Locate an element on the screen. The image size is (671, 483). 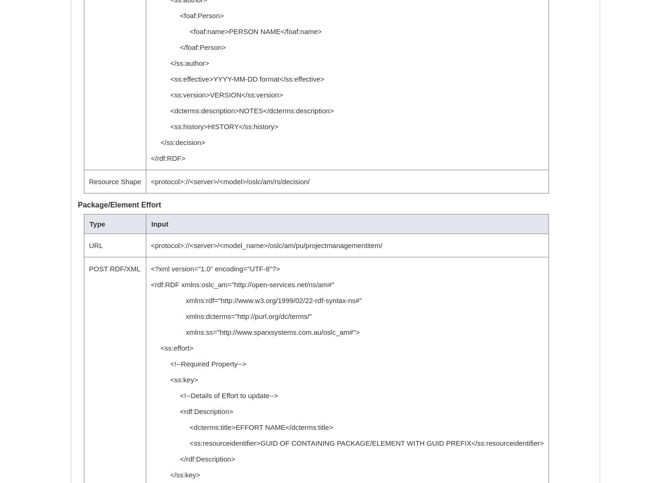
'</ss:author>' is located at coordinates (179, 63).